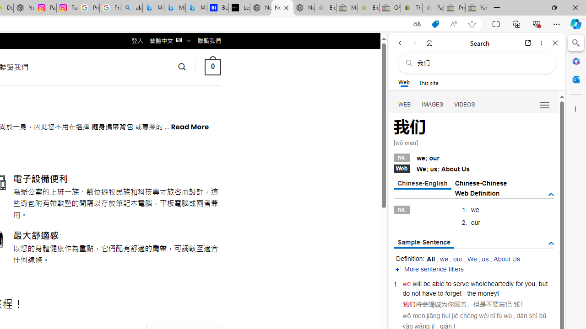 This screenshot has height=329, width=586. Describe the element at coordinates (212, 66) in the screenshot. I see `' 0 '` at that location.